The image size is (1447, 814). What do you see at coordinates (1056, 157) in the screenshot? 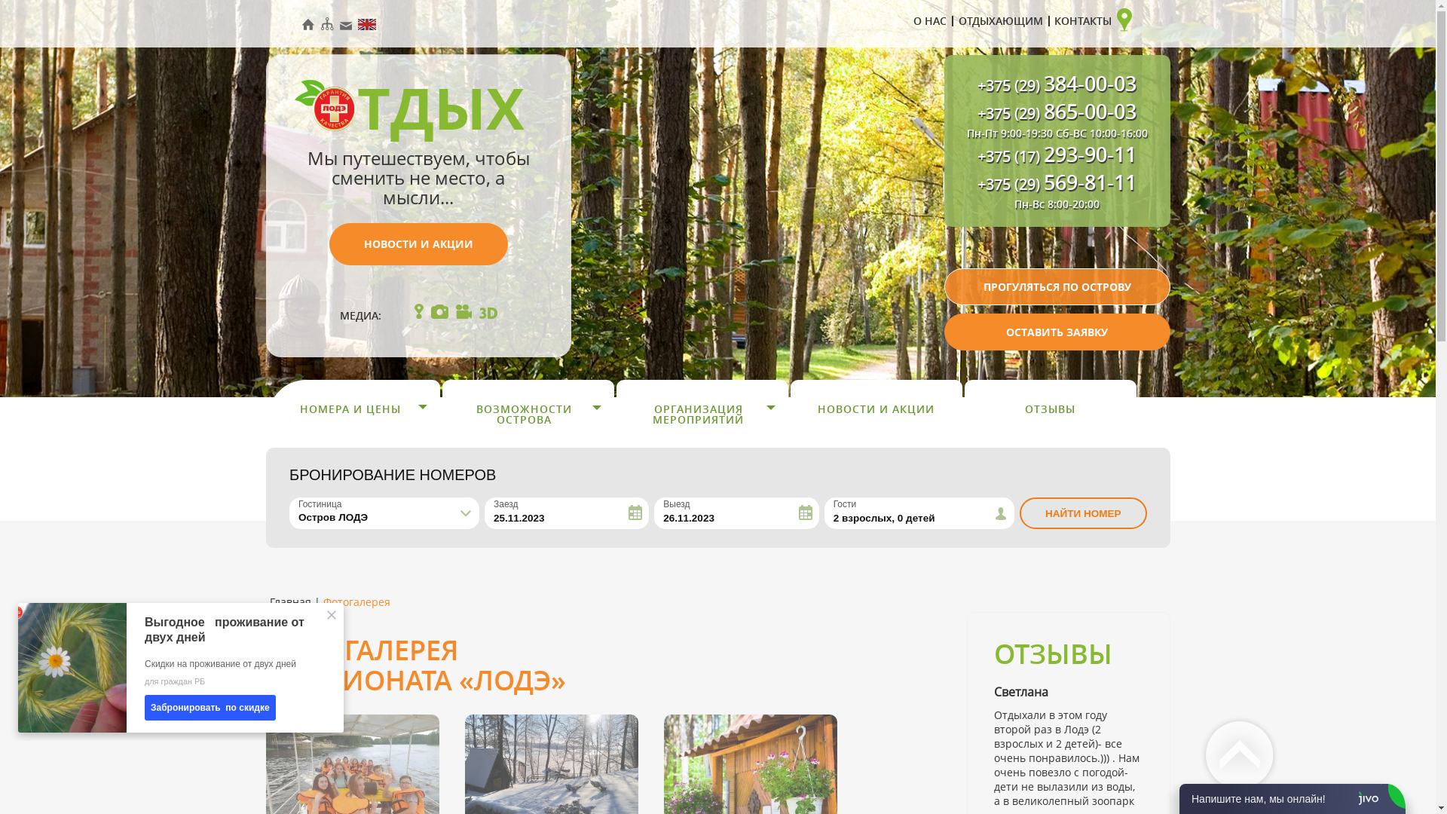
I see `'+375 (17) 293-90-11'` at bounding box center [1056, 157].